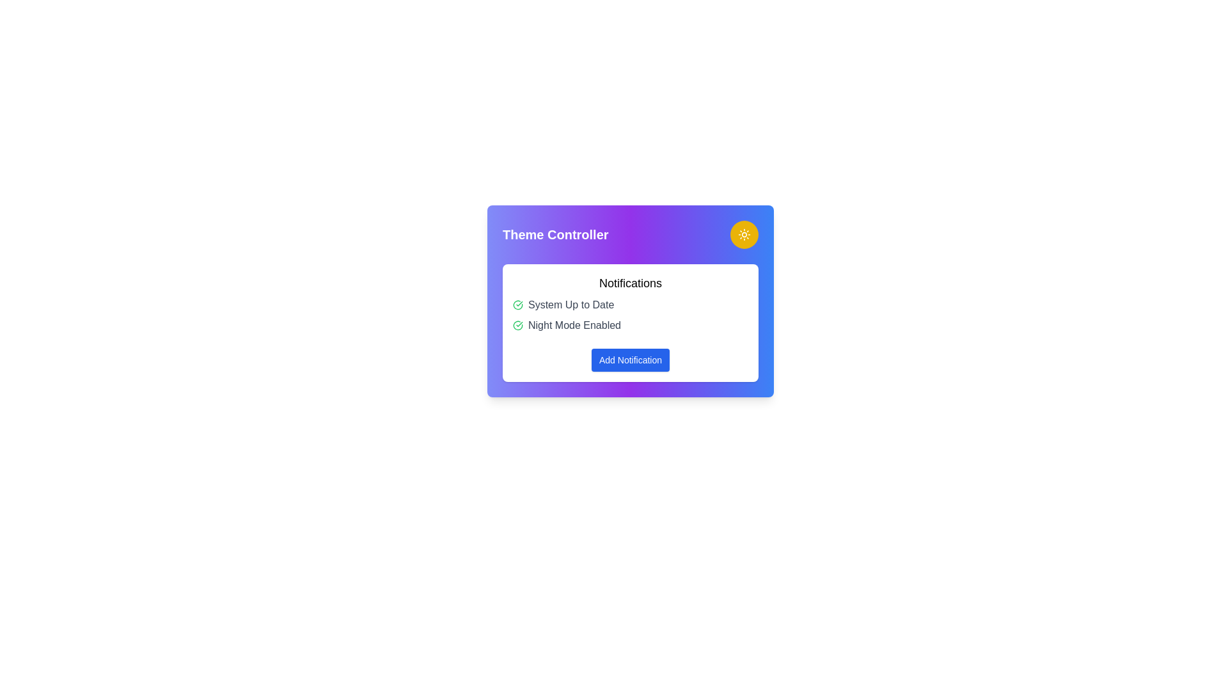 This screenshot has width=1228, height=691. I want to click on the status icon that visually represents successful completion, located to the left of the 'System Up to Date' text, so click(518, 305).